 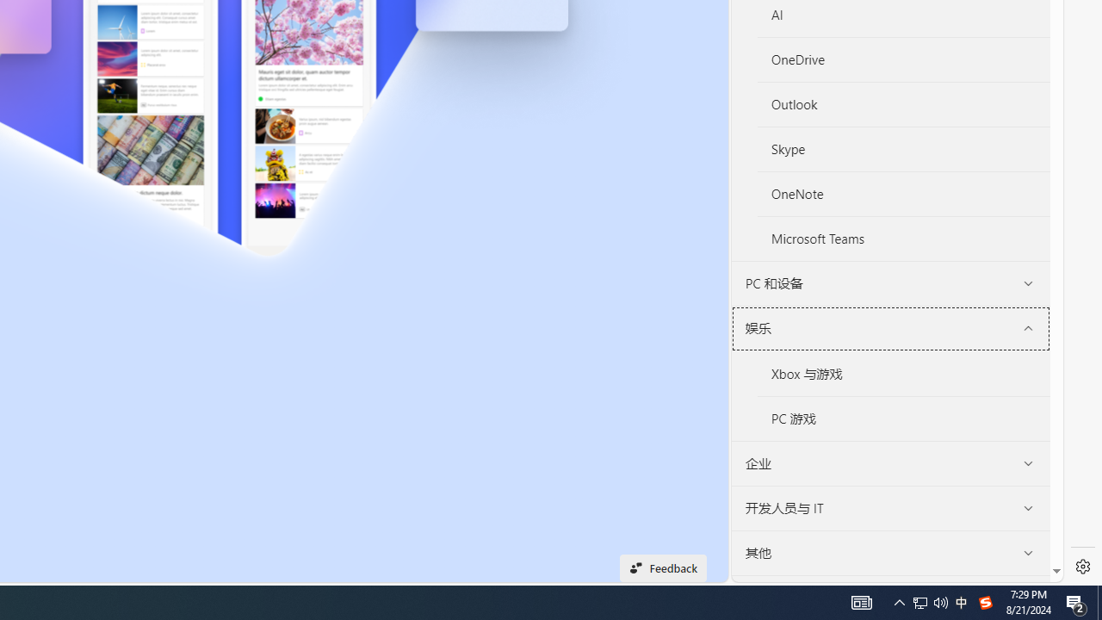 What do you see at coordinates (903, 194) in the screenshot?
I see `'OneNote'` at bounding box center [903, 194].